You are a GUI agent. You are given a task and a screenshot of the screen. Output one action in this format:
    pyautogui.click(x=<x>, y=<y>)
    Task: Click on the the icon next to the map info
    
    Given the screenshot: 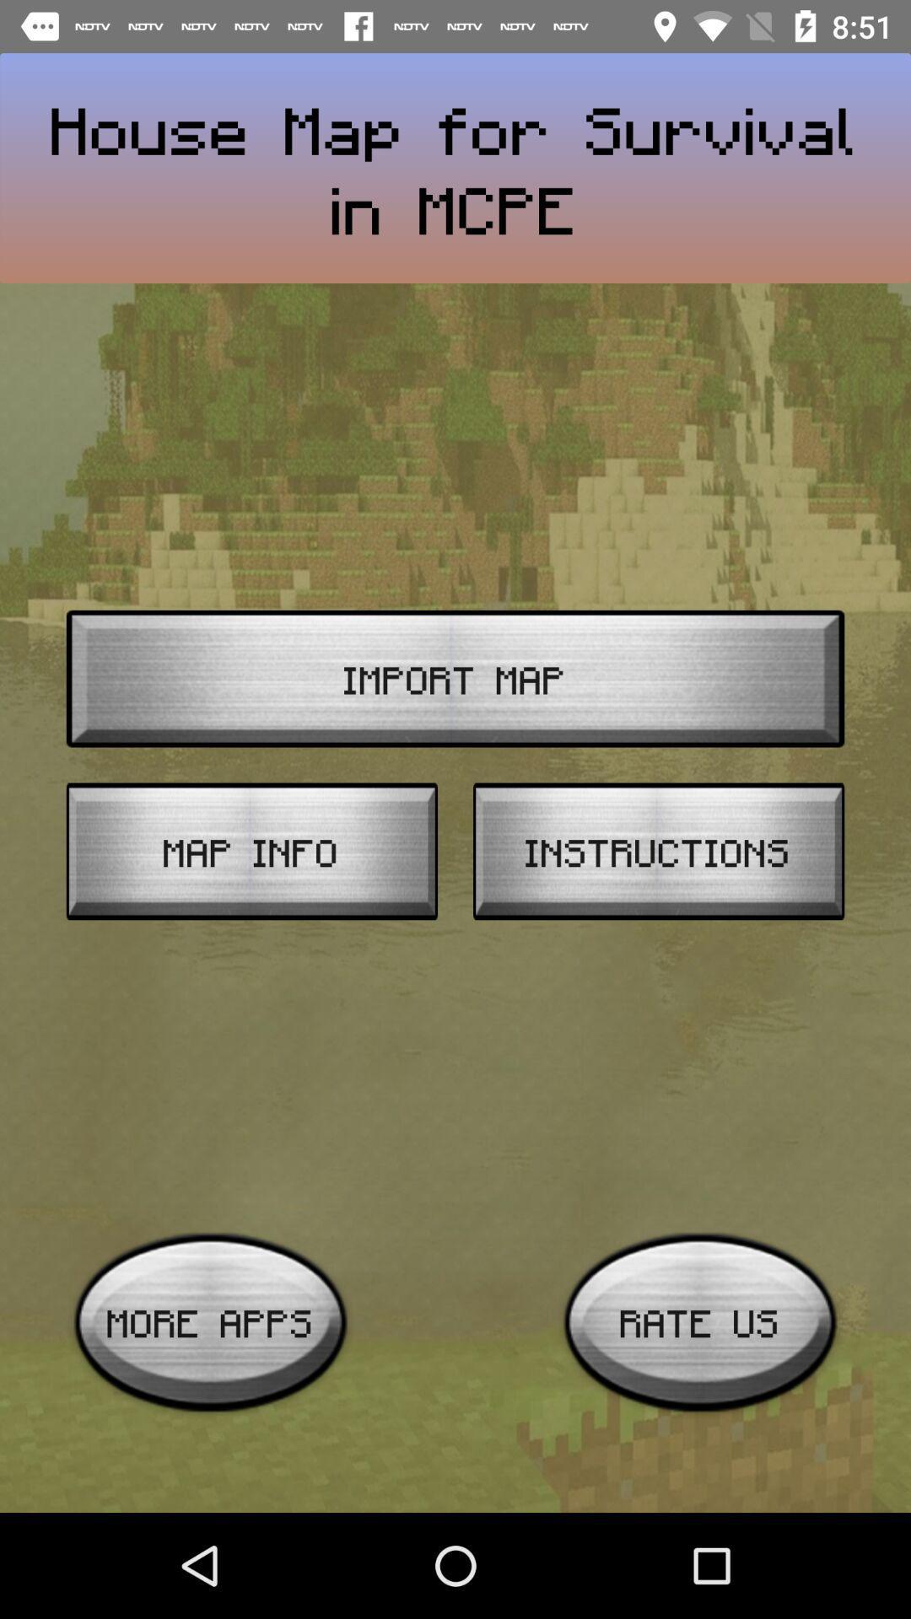 What is the action you would take?
    pyautogui.click(x=658, y=851)
    